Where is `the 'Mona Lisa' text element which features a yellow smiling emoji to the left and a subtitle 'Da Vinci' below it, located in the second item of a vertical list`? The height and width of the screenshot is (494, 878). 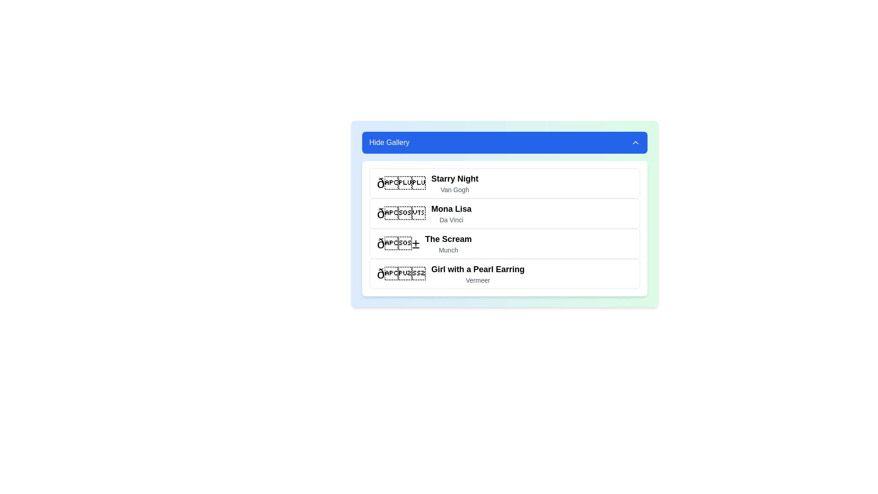 the 'Mona Lisa' text element which features a yellow smiling emoji to the left and a subtitle 'Da Vinci' below it, located in the second item of a vertical list is located at coordinates (423, 213).